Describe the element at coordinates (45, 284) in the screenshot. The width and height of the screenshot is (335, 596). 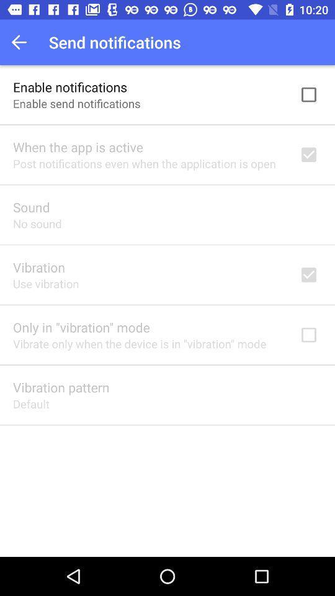
I see `use vibration item` at that location.